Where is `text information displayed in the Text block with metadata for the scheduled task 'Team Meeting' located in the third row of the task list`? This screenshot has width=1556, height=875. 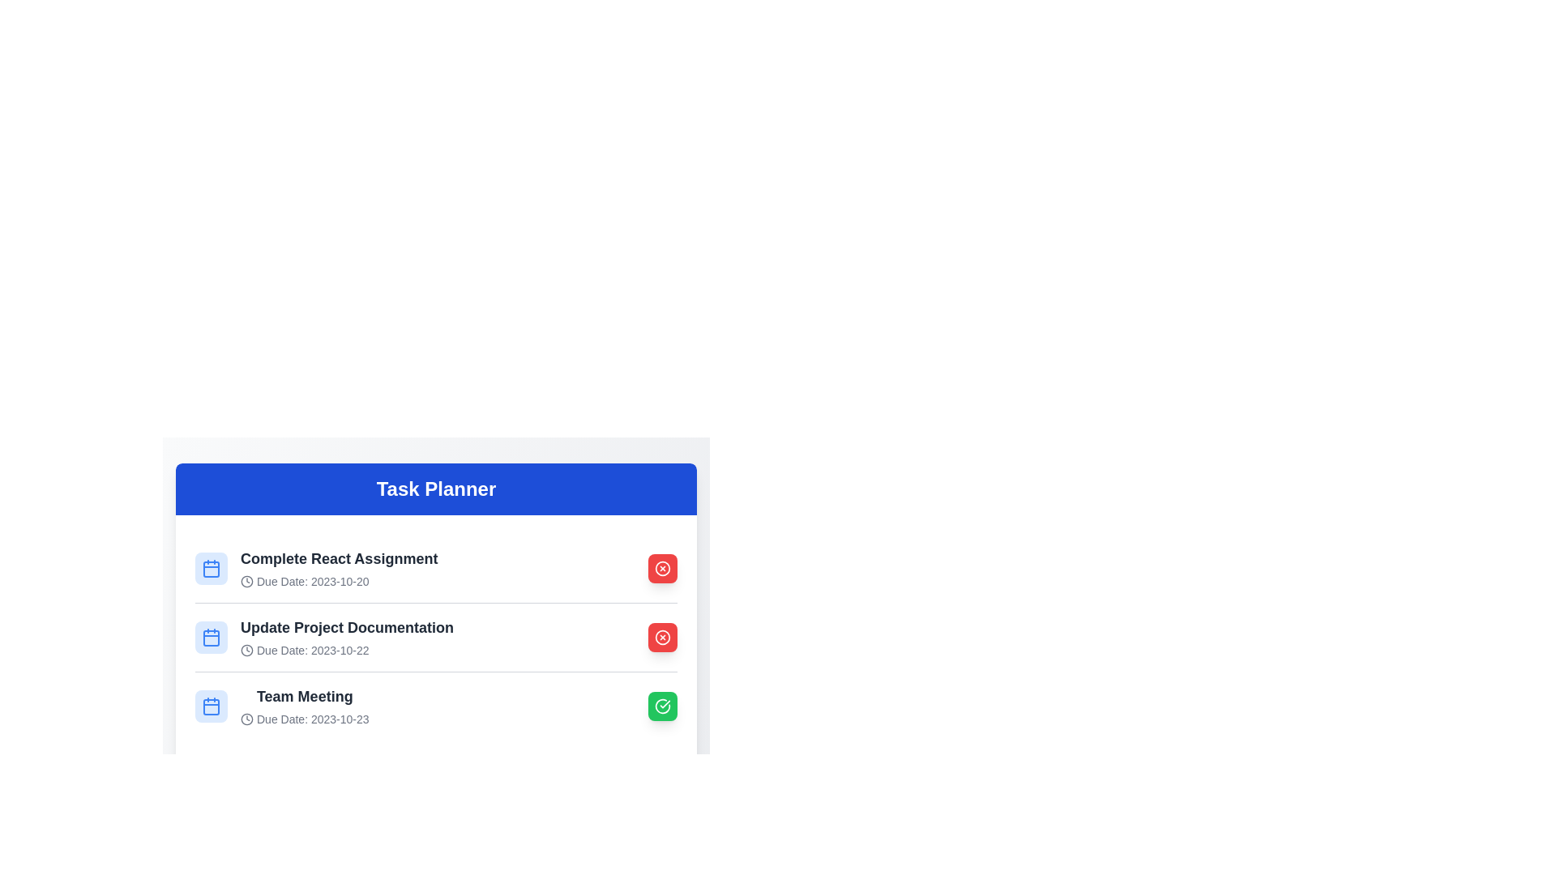
text information displayed in the Text block with metadata for the scheduled task 'Team Meeting' located in the third row of the task list is located at coordinates (305, 705).